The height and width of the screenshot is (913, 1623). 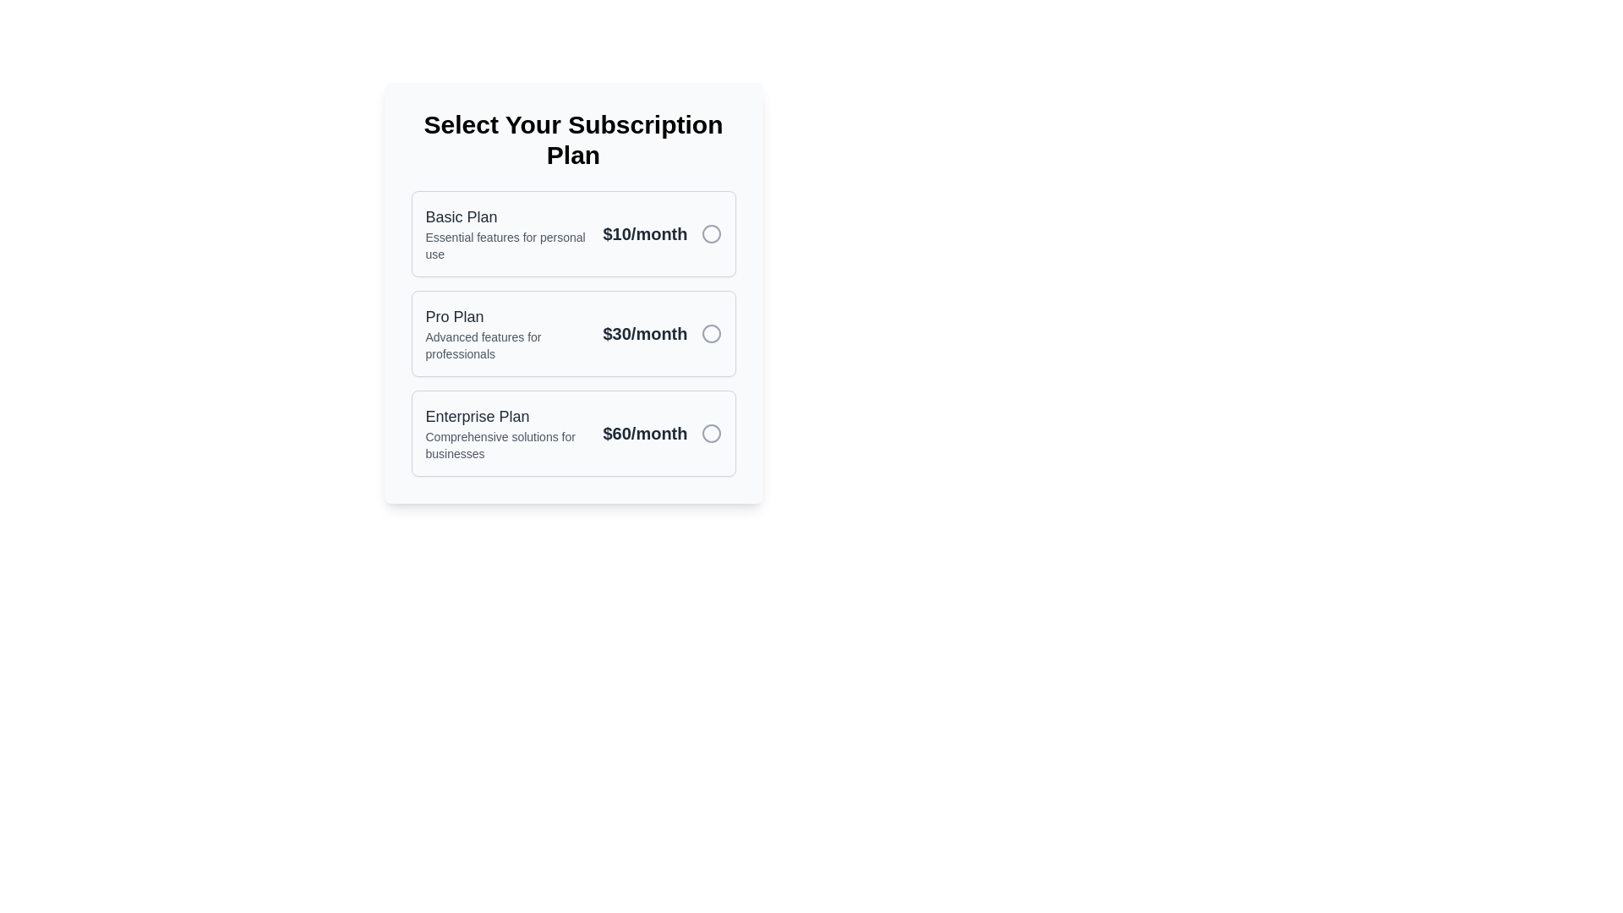 I want to click on the gray circular radio button located at the rightmost position of the 'Enterprise Plan' option, so click(x=711, y=433).